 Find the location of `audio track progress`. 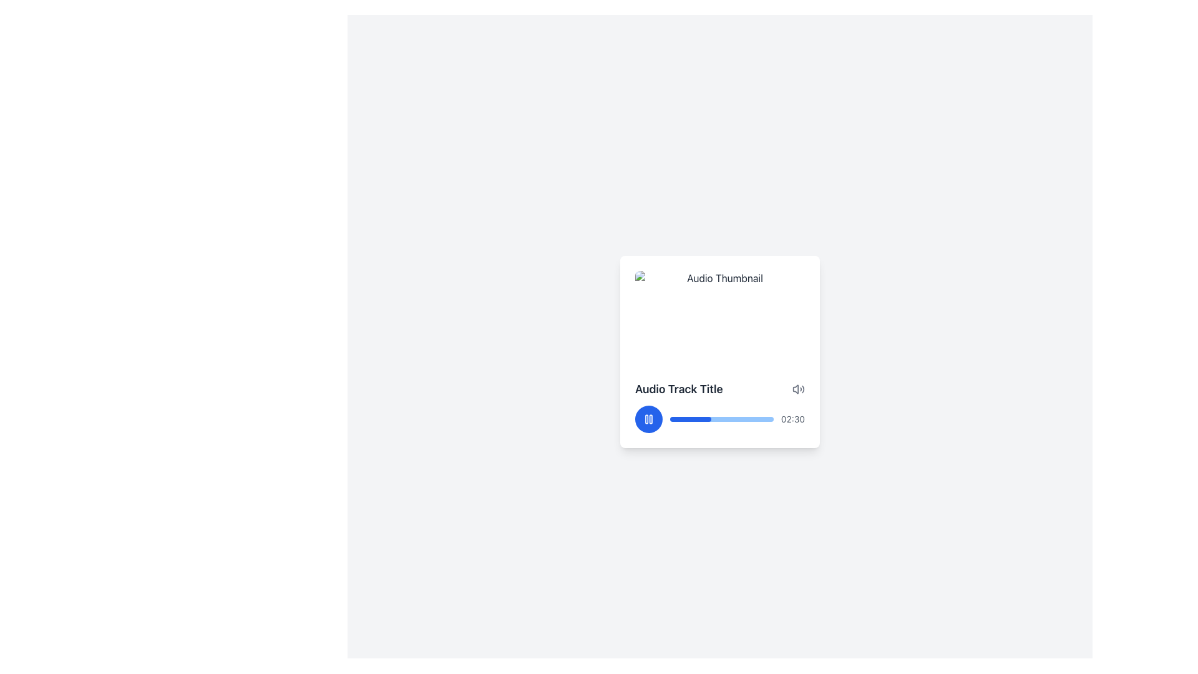

audio track progress is located at coordinates (713, 419).